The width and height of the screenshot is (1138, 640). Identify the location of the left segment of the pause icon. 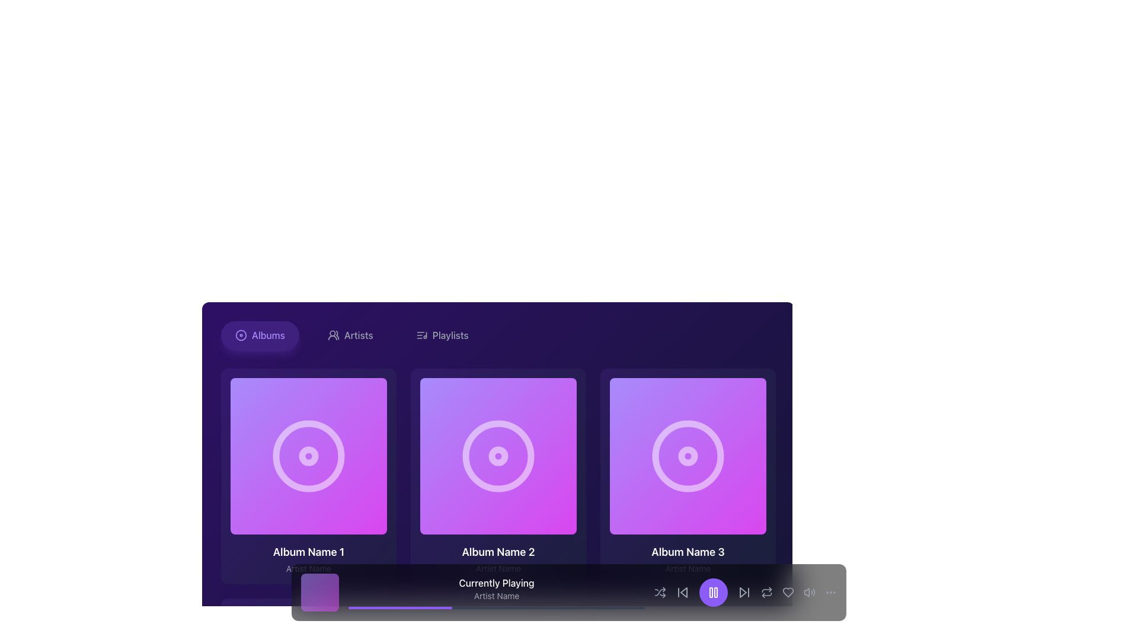
(711, 592).